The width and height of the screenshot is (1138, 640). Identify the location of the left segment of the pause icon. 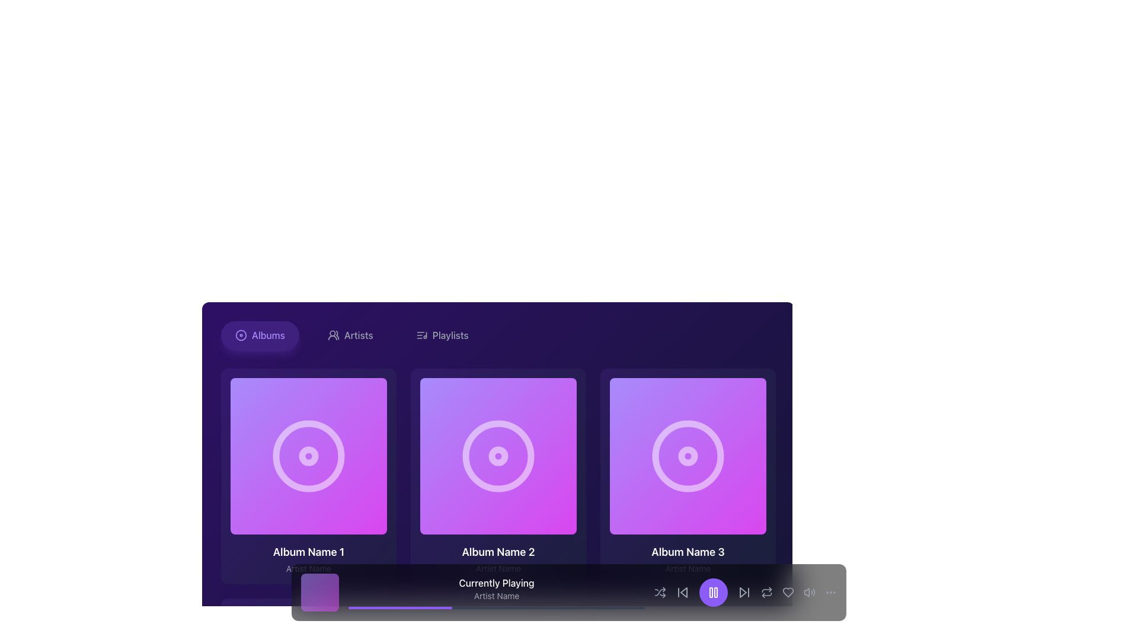
(711, 592).